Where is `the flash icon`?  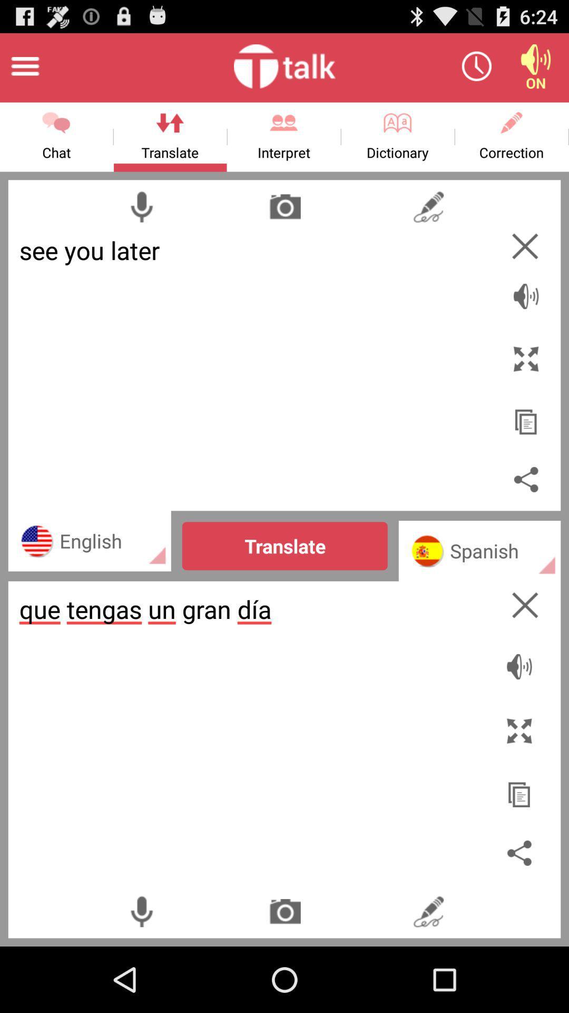 the flash icon is located at coordinates (428, 221).